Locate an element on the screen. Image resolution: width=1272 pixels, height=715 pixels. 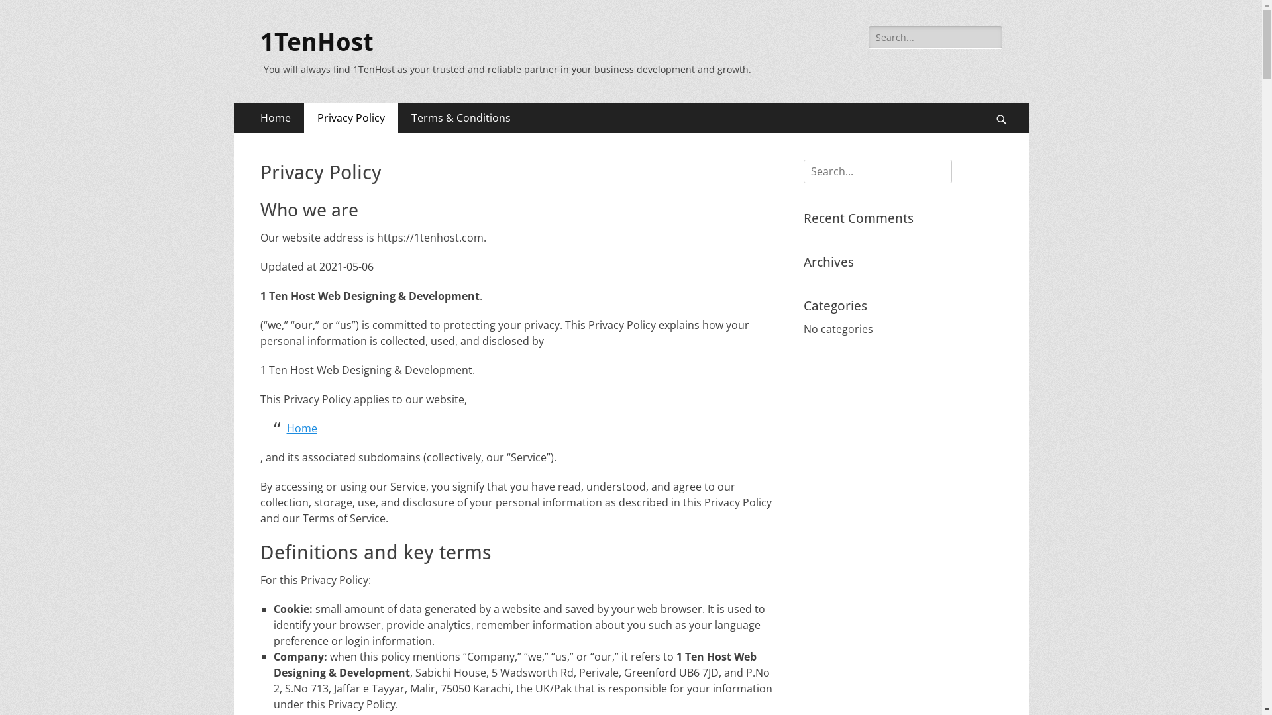
'Home' is located at coordinates (286, 428).